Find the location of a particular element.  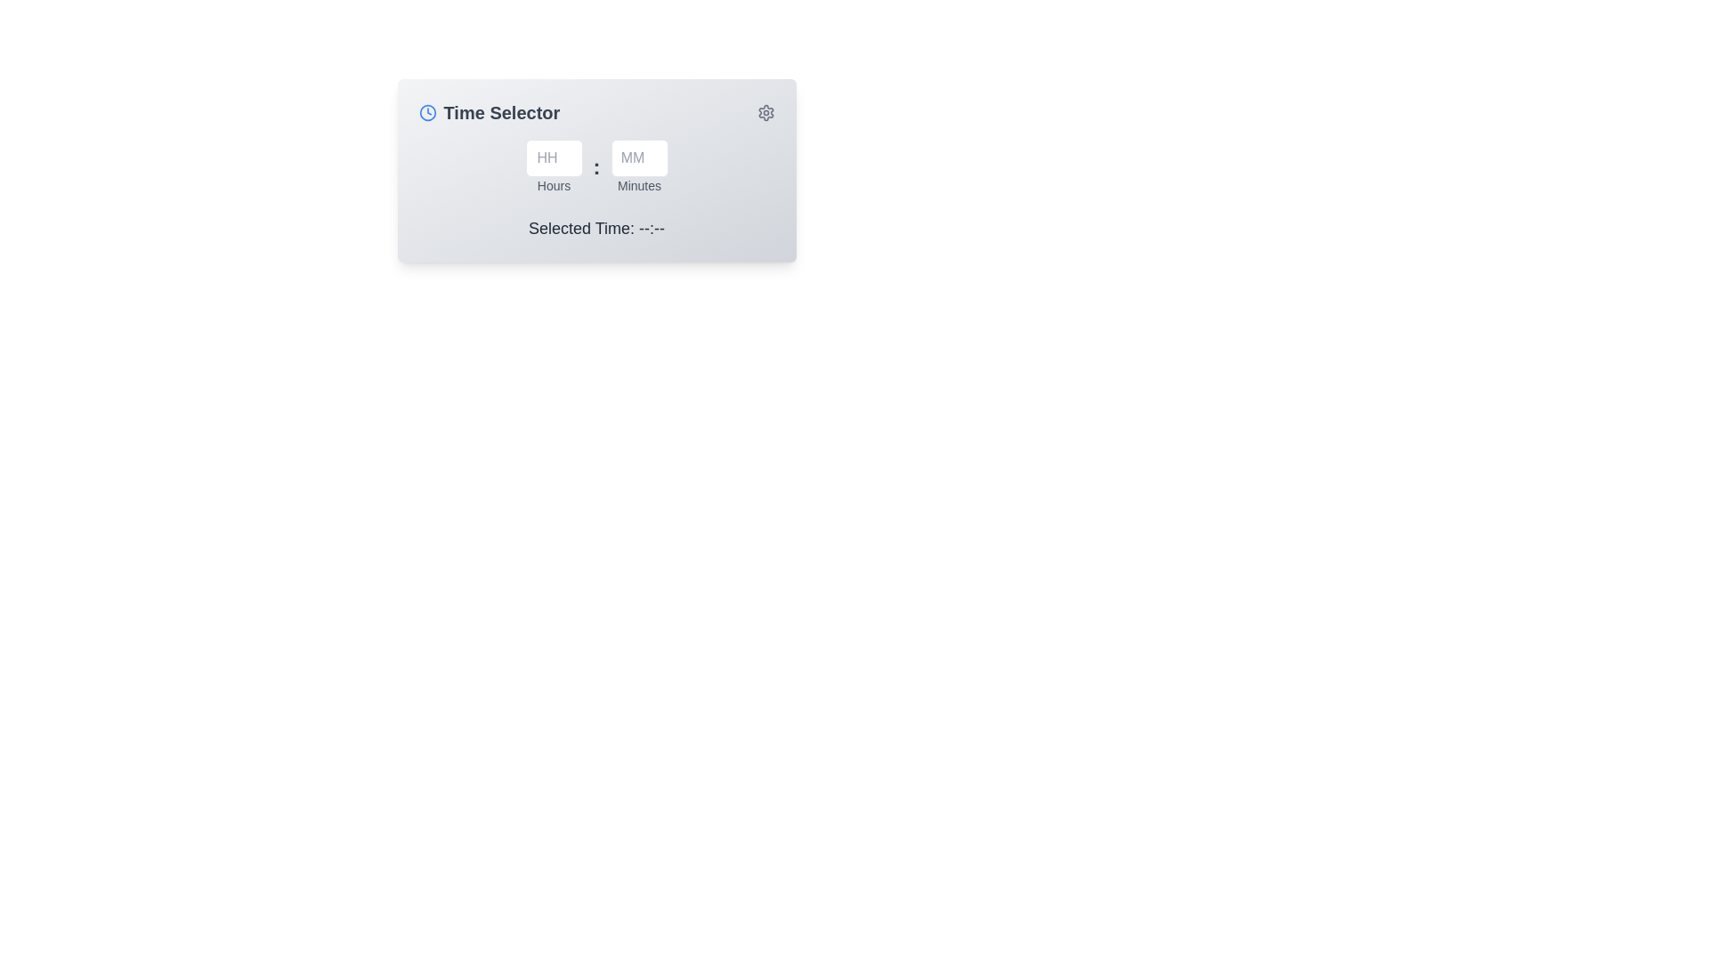

the gear-like icon representing settings functionality within the 'Time Selector' panel is located at coordinates (765, 113).